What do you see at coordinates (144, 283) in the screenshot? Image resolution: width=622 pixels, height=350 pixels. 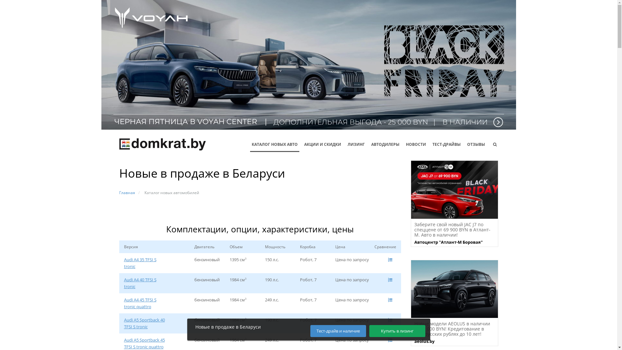 I see `'Audi A4 40 TFSI S tronic'` at bounding box center [144, 283].